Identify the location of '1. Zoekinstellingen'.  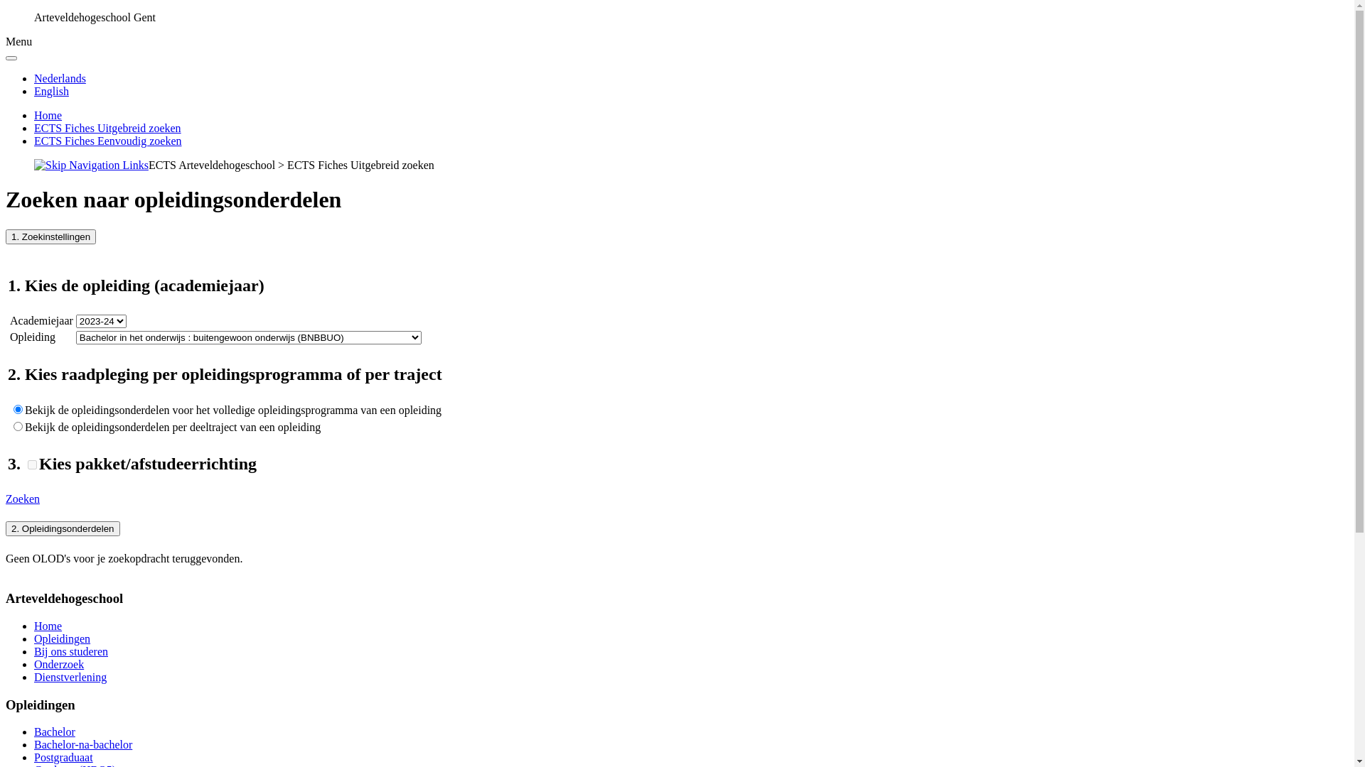
(50, 236).